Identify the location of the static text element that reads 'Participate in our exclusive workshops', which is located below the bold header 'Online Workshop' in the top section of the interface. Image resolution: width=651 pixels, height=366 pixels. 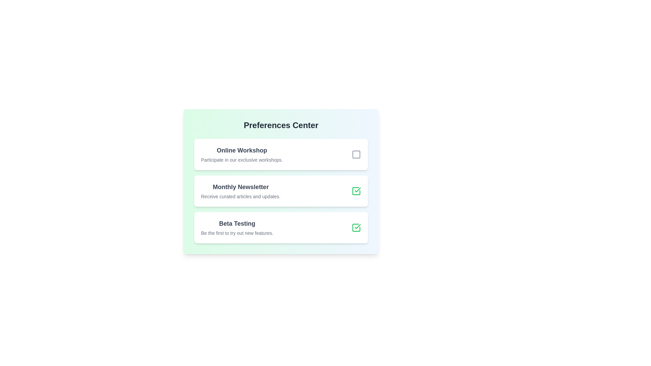
(242, 160).